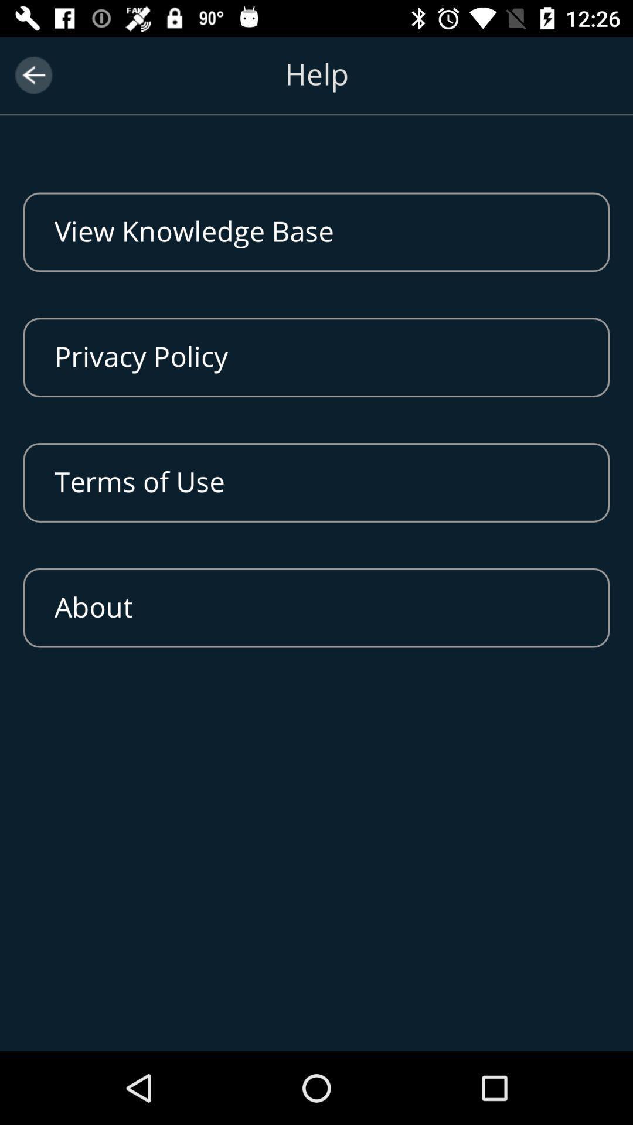 This screenshot has width=633, height=1125. What do you see at coordinates (33, 74) in the screenshot?
I see `the arrow_backward icon` at bounding box center [33, 74].